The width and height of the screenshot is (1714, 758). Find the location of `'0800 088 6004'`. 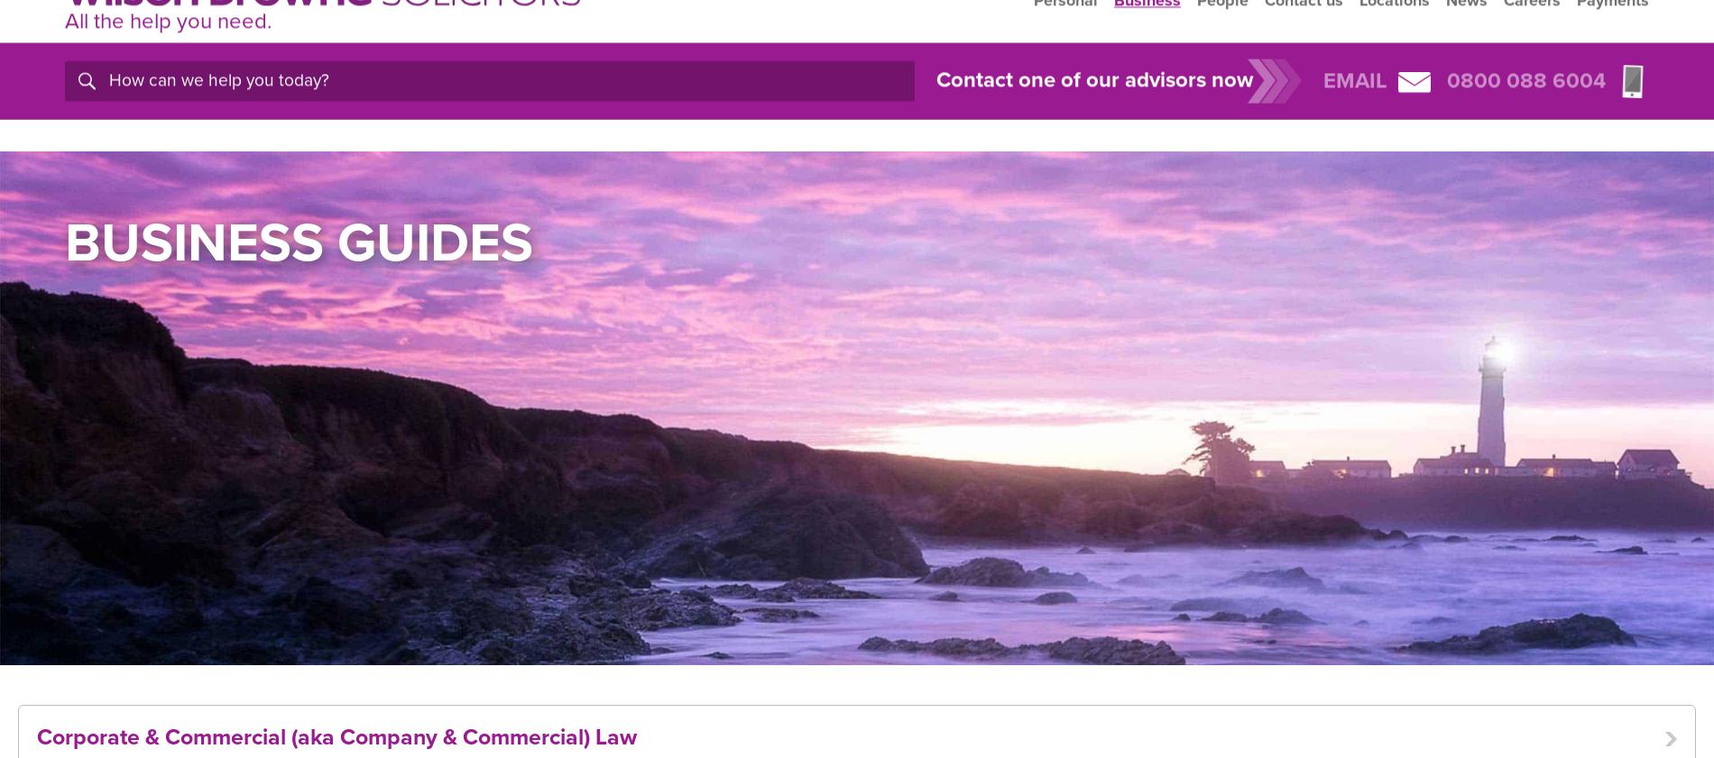

'0800 088 6004' is located at coordinates (1525, 121).